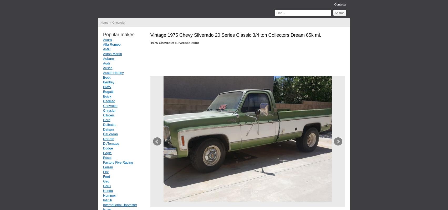 The width and height of the screenshot is (448, 210). What do you see at coordinates (150, 43) in the screenshot?
I see `'1975 Chevrolet Silverado 2500'` at bounding box center [150, 43].